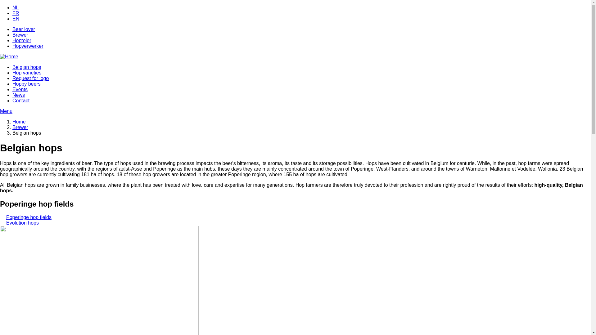 Image resolution: width=596 pixels, height=335 pixels. What do you see at coordinates (22, 40) in the screenshot?
I see `'Hopteler'` at bounding box center [22, 40].